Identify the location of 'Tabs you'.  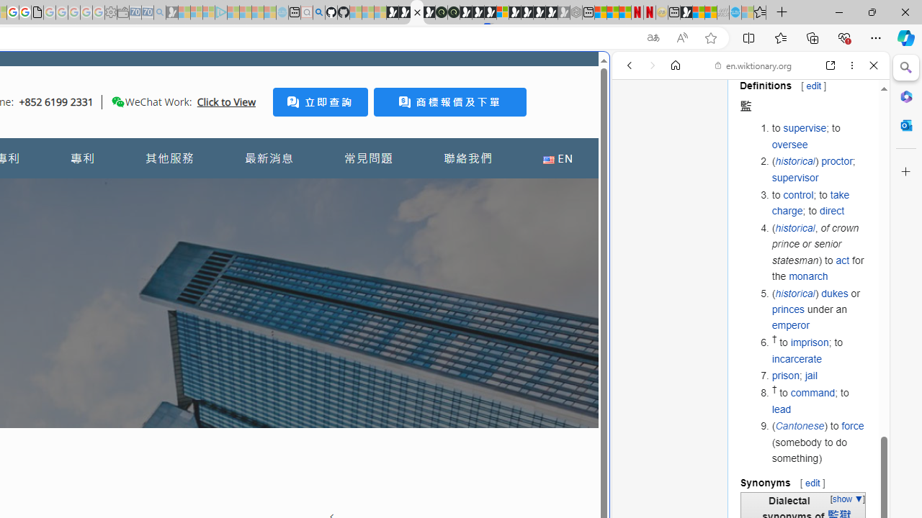
(199, 191).